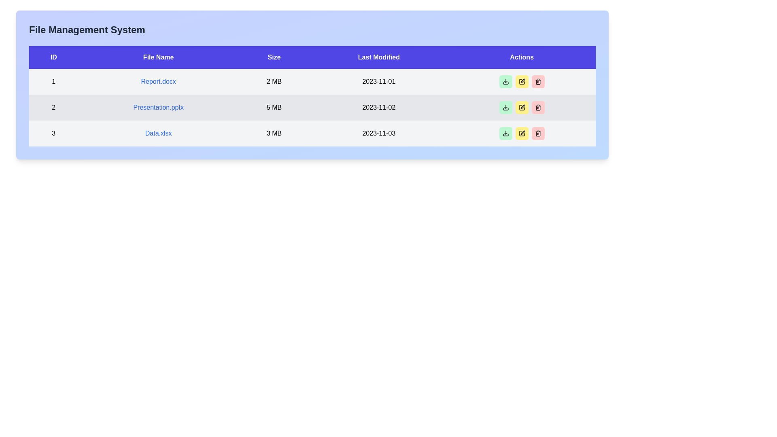 This screenshot has width=777, height=437. What do you see at coordinates (505, 107) in the screenshot?
I see `the green download button with a downward arrow icon located in the first position of the 'Actions' column in the second row of the table to download the file` at bounding box center [505, 107].